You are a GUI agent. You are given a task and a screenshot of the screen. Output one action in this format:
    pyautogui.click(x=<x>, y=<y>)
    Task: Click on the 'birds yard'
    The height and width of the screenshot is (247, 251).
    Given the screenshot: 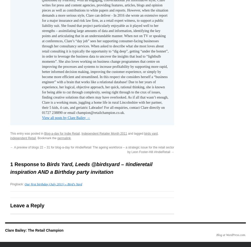 What is the action you would take?
    pyautogui.click(x=151, y=133)
    